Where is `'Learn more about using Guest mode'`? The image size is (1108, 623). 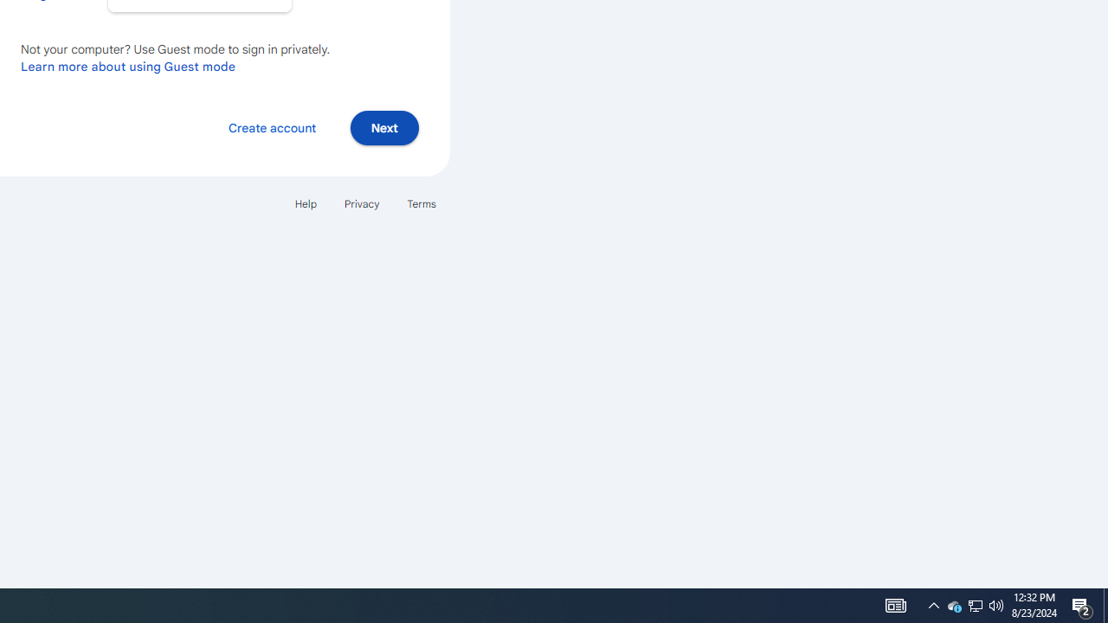
'Learn more about using Guest mode' is located at coordinates (127, 65).